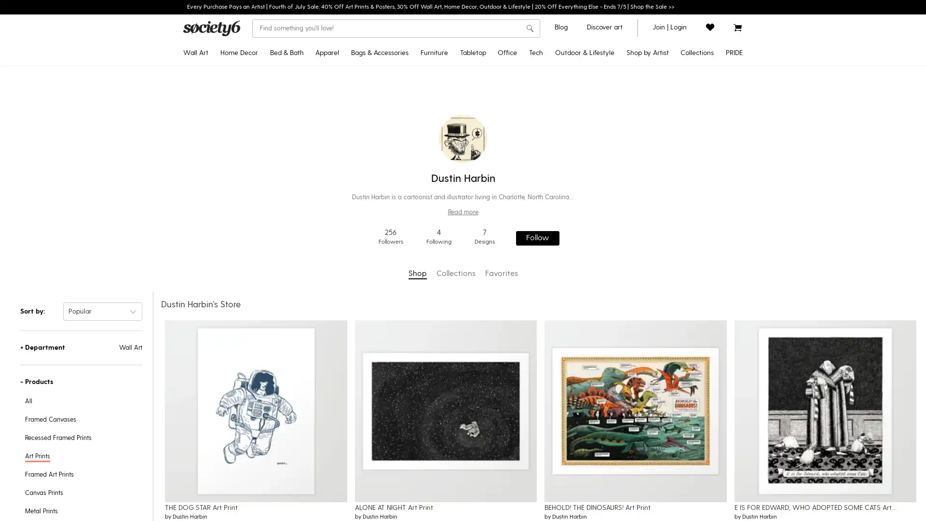 The height and width of the screenshot is (521, 926). I want to click on iPhone Wallet Cases, so click(570, 108).